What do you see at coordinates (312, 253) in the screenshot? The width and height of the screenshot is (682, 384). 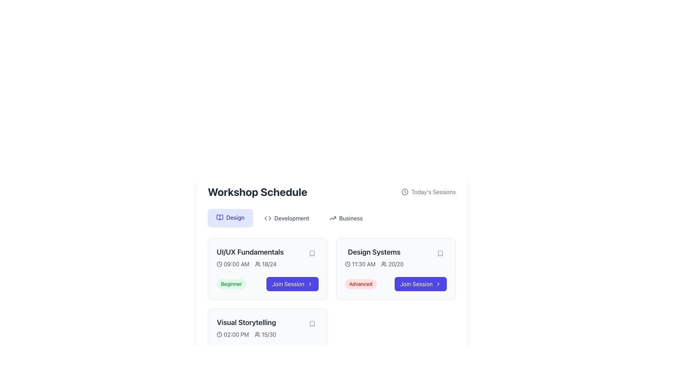 I see `the bookmark icon located at the top-right corner of the 'UI/UX Fundamentals' workshop card` at bounding box center [312, 253].